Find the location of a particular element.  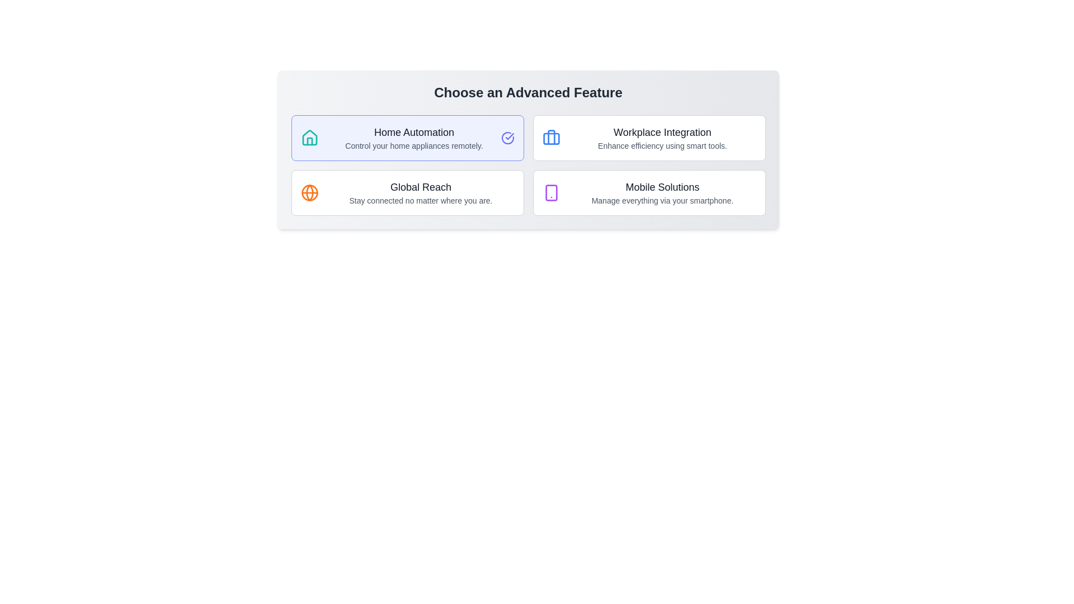

the 'Home Automation' selectable card-like button option located at the top-left side of the grid layout is located at coordinates (407, 137).